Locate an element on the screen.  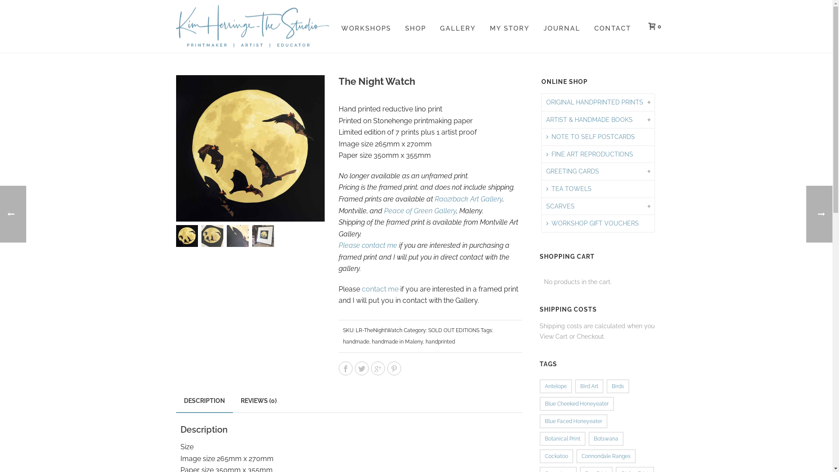
'handprinted' is located at coordinates (426, 341).